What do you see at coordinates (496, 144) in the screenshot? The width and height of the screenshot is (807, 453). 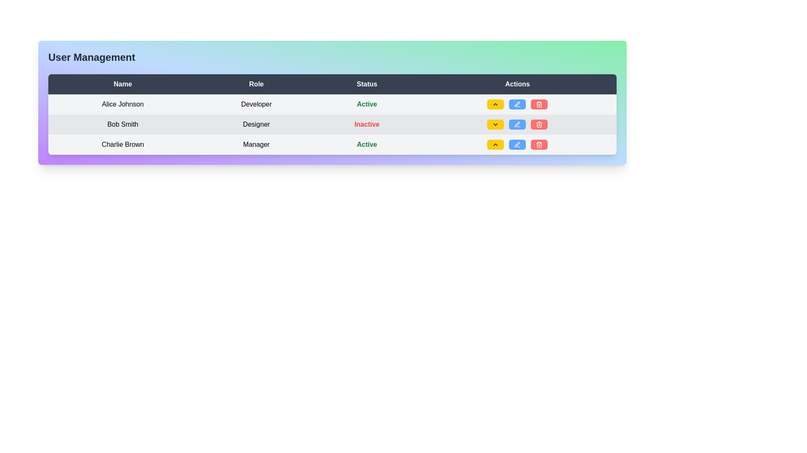 I see `the upward-pointing chevron icon within the 'Actions' column corresponding to 'Alice Johnson'` at bounding box center [496, 144].